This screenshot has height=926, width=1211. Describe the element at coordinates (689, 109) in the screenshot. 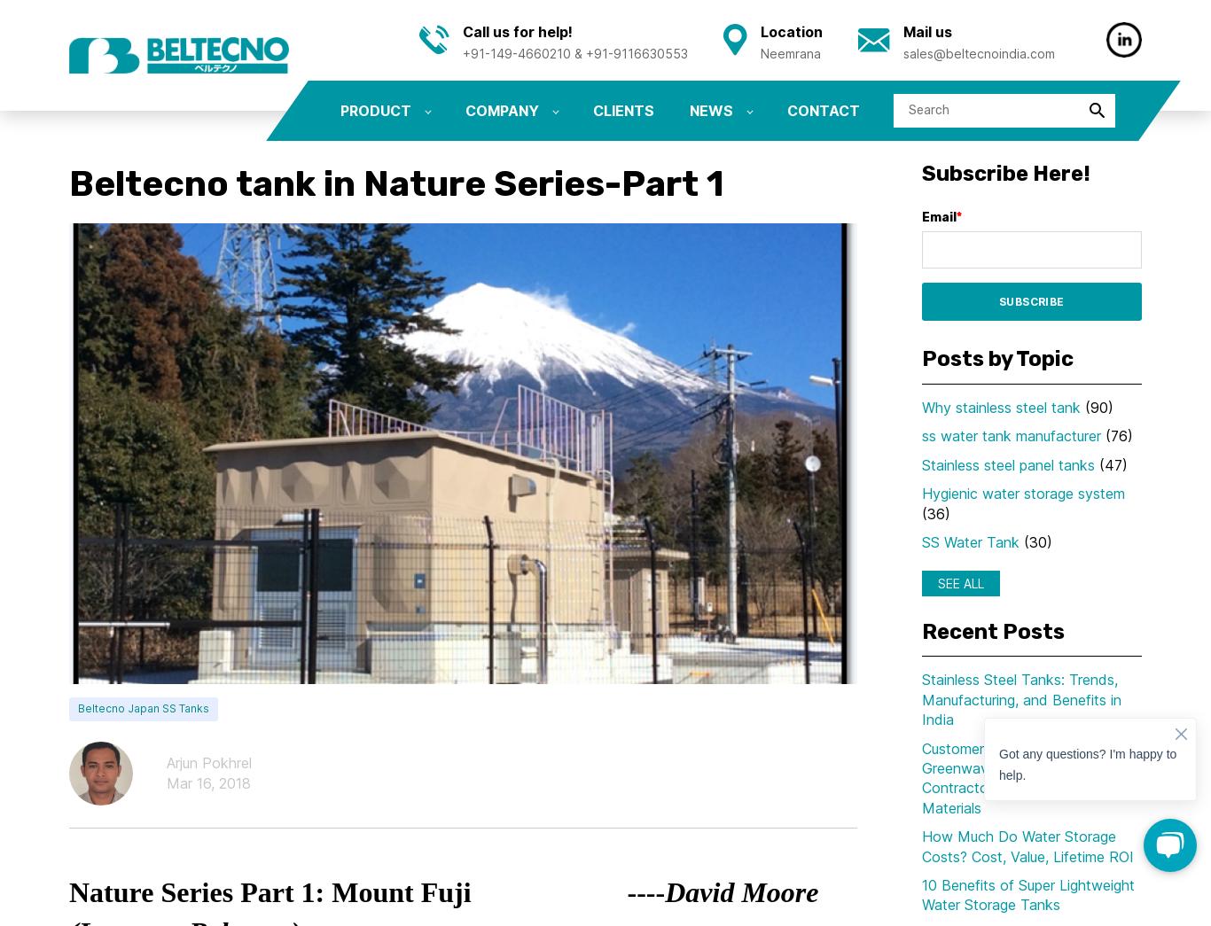

I see `'NEWS'` at that location.